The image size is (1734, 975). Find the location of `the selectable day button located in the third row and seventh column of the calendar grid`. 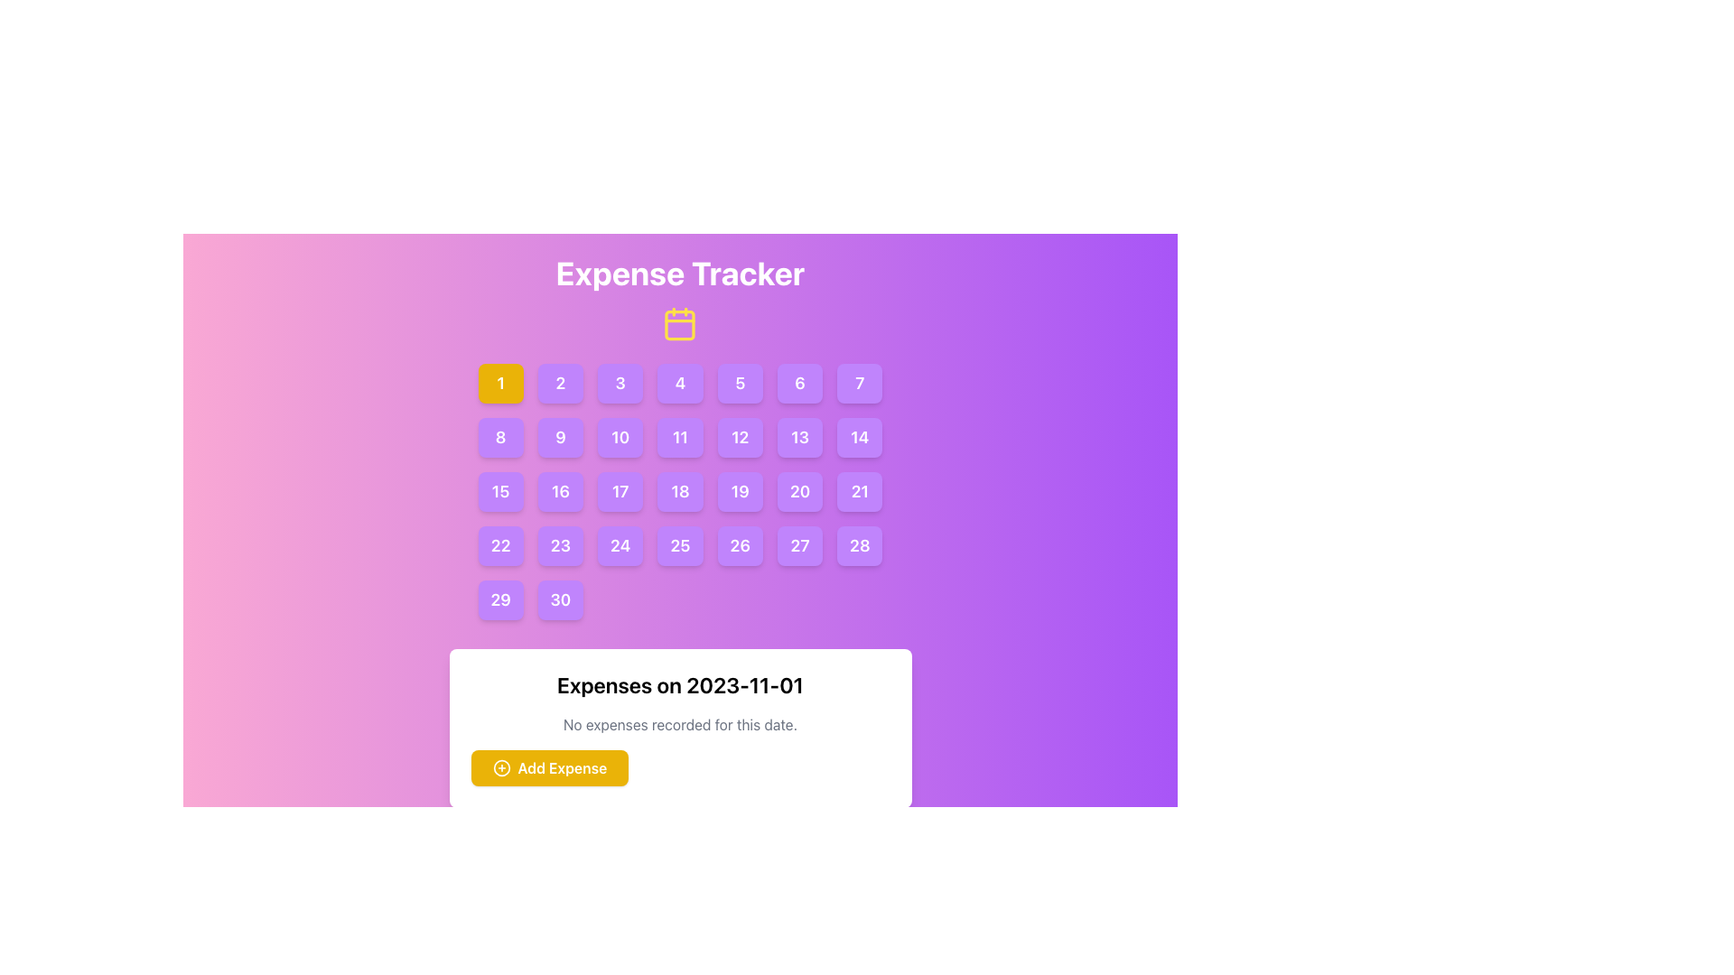

the selectable day button located in the third row and seventh column of the calendar grid is located at coordinates (859, 491).